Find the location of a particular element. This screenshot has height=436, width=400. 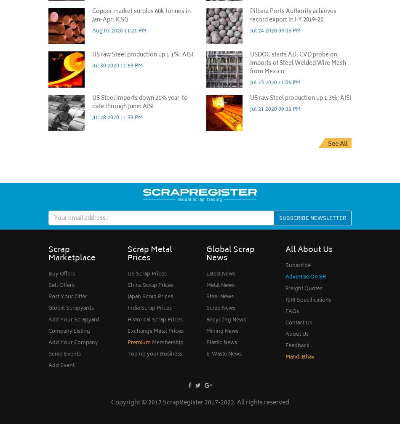

'Global Scrapyards' is located at coordinates (71, 308).